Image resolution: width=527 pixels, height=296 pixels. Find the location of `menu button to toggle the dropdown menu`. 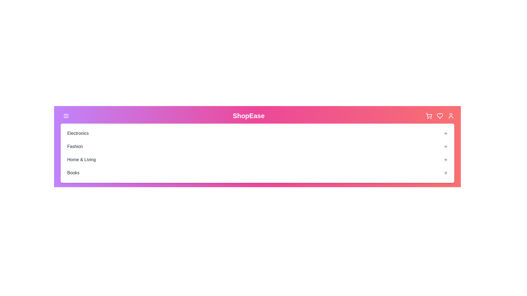

menu button to toggle the dropdown menu is located at coordinates (66, 116).